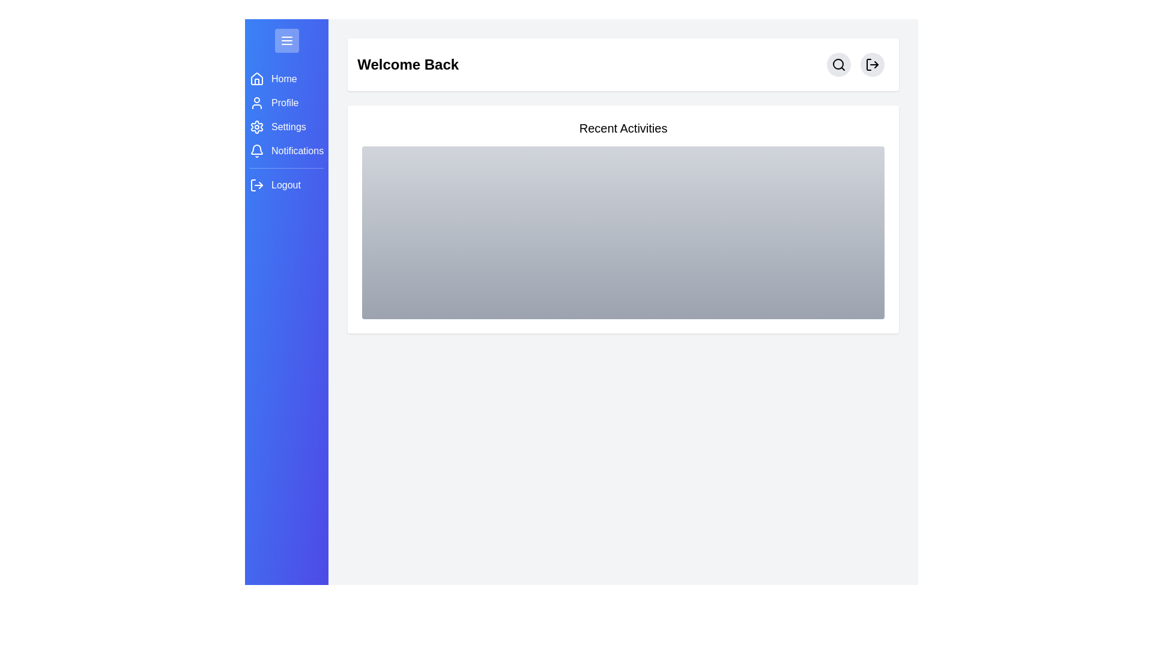  Describe the element at coordinates (838, 65) in the screenshot. I see `the circular search button with a magnifying glass icon located at the top right section of the primary content area to initiate search` at that location.